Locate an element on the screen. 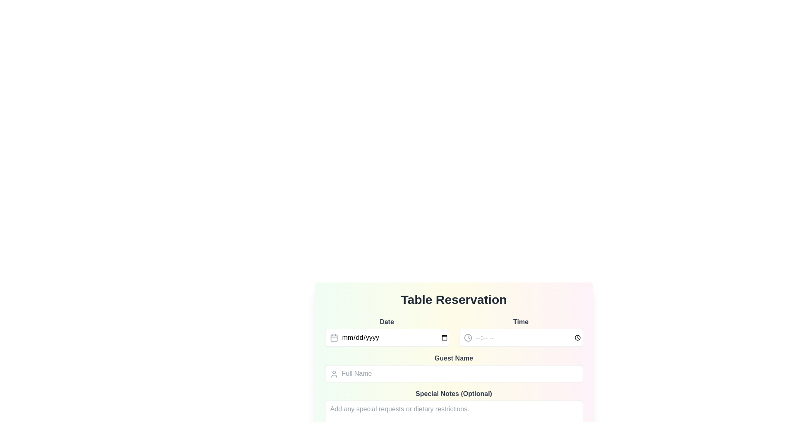 Image resolution: width=794 pixels, height=446 pixels. the calendar icon located at the leftmost side of the date input field under the 'Date' label, which features a gray color and a typical calendar representation is located at coordinates (334, 337).